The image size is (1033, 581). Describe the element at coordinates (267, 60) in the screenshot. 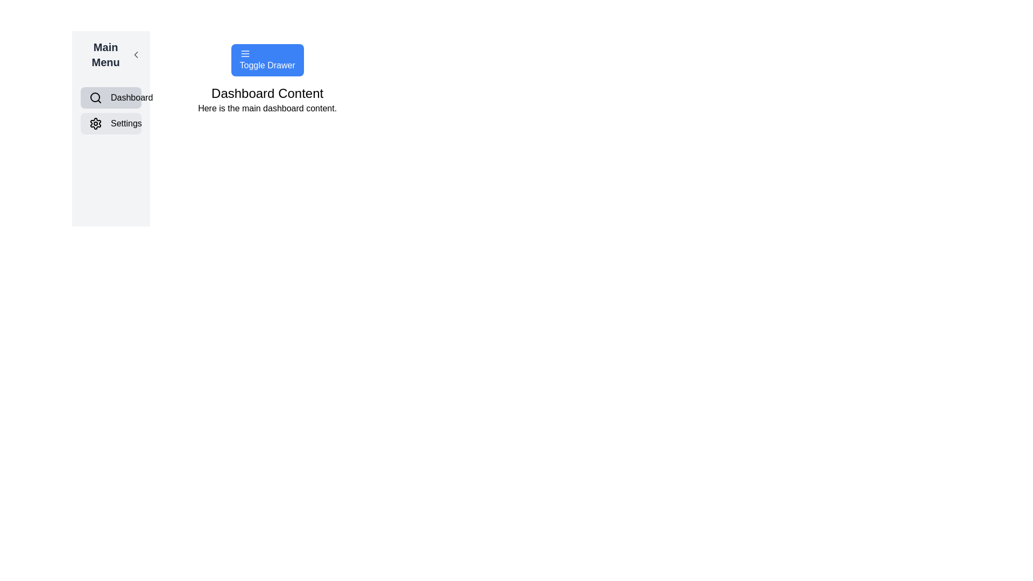

I see `the 'Toggle Drawer' button, which is a rectangular blue button with white text and a menu icon on the left` at that location.